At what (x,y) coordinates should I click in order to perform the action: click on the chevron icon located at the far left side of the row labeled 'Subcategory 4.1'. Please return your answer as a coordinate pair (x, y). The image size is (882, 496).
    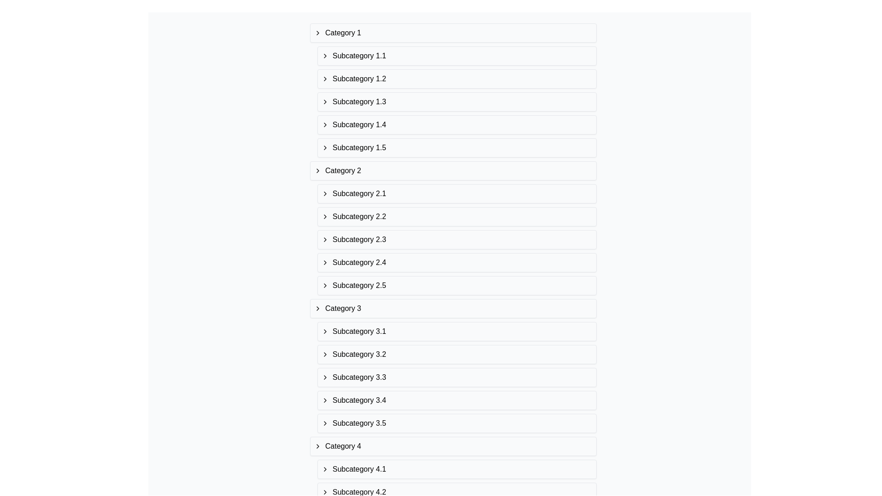
    Looking at the image, I should click on (325, 469).